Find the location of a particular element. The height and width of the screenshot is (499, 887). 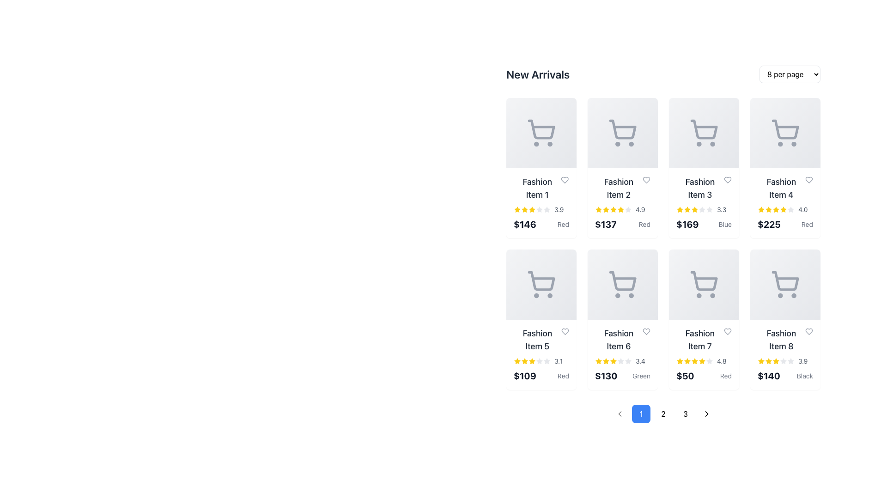

the third star-shaped rating icon, styled with a yellow fill, located below the item labeled 'Fashion Item 7' in the grid view of products is located at coordinates (687, 361).